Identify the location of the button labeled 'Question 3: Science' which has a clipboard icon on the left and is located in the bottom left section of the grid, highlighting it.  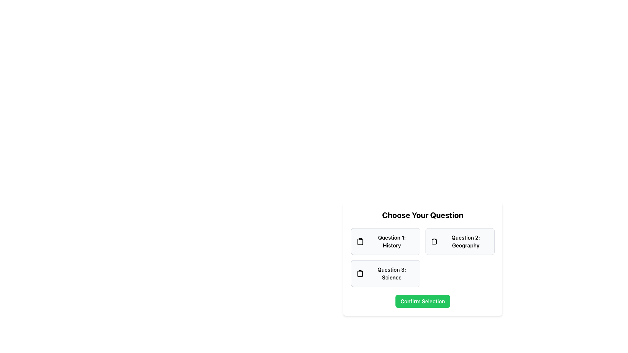
(385, 274).